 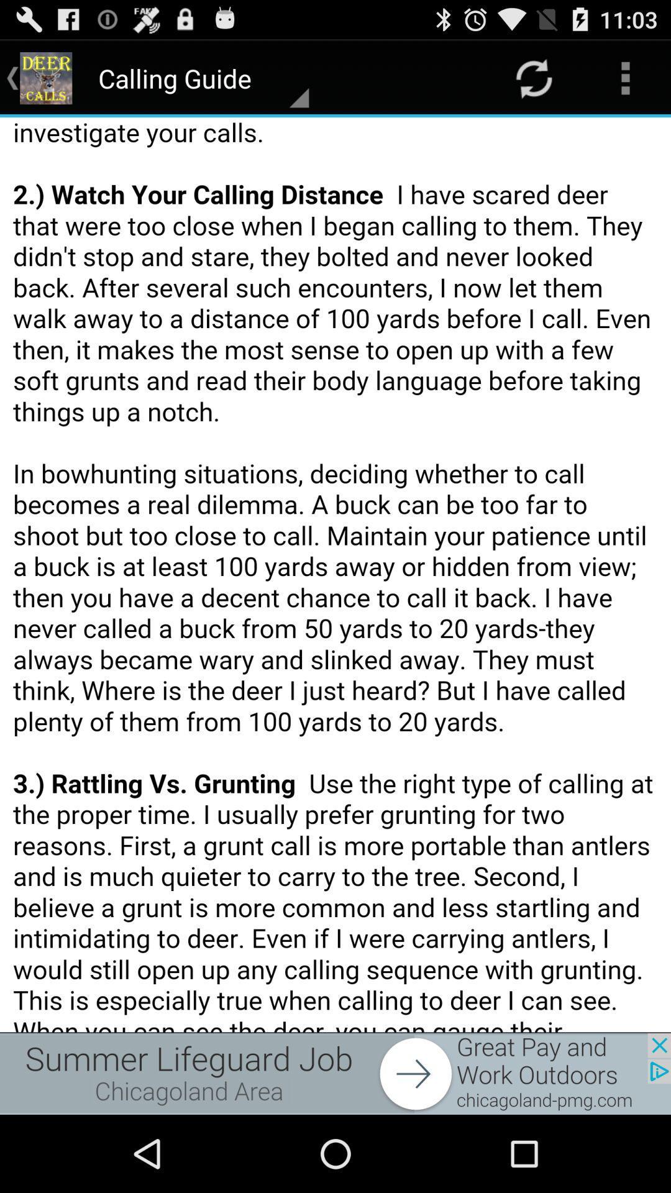 I want to click on advertisement page, so click(x=335, y=1073).